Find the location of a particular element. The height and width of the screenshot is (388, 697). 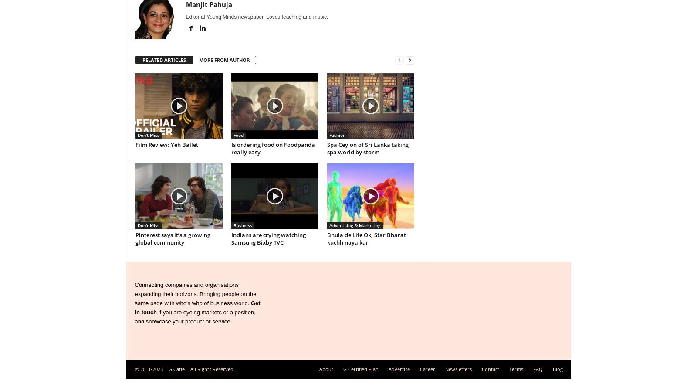

'Terms' is located at coordinates (516, 368).